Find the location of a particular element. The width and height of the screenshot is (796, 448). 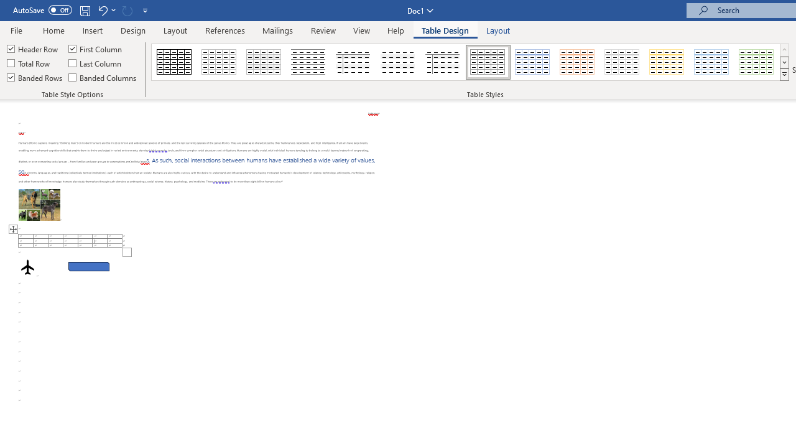

'Banded Columns' is located at coordinates (104, 77).